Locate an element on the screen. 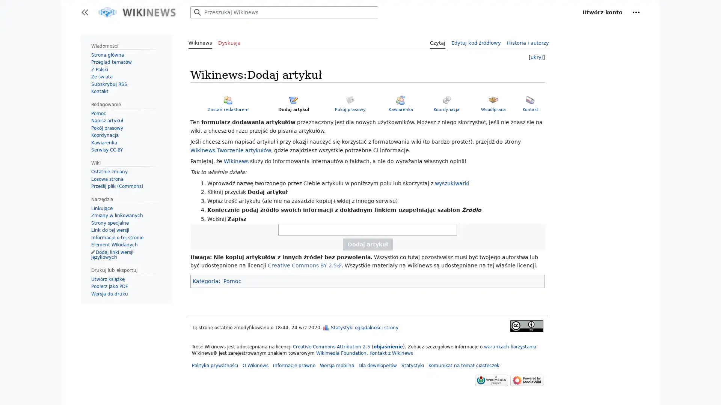 The height and width of the screenshot is (405, 721). Przeacz panel boczny is located at coordinates (84, 12).